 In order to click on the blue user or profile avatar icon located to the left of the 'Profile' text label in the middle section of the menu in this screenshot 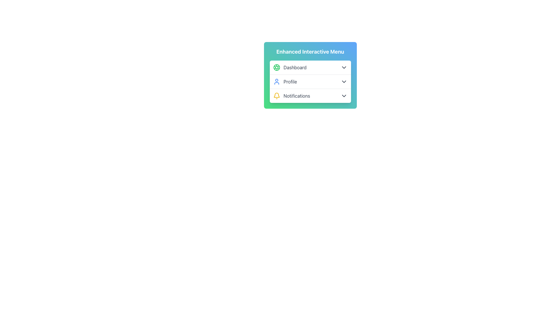, I will do `click(276, 81)`.